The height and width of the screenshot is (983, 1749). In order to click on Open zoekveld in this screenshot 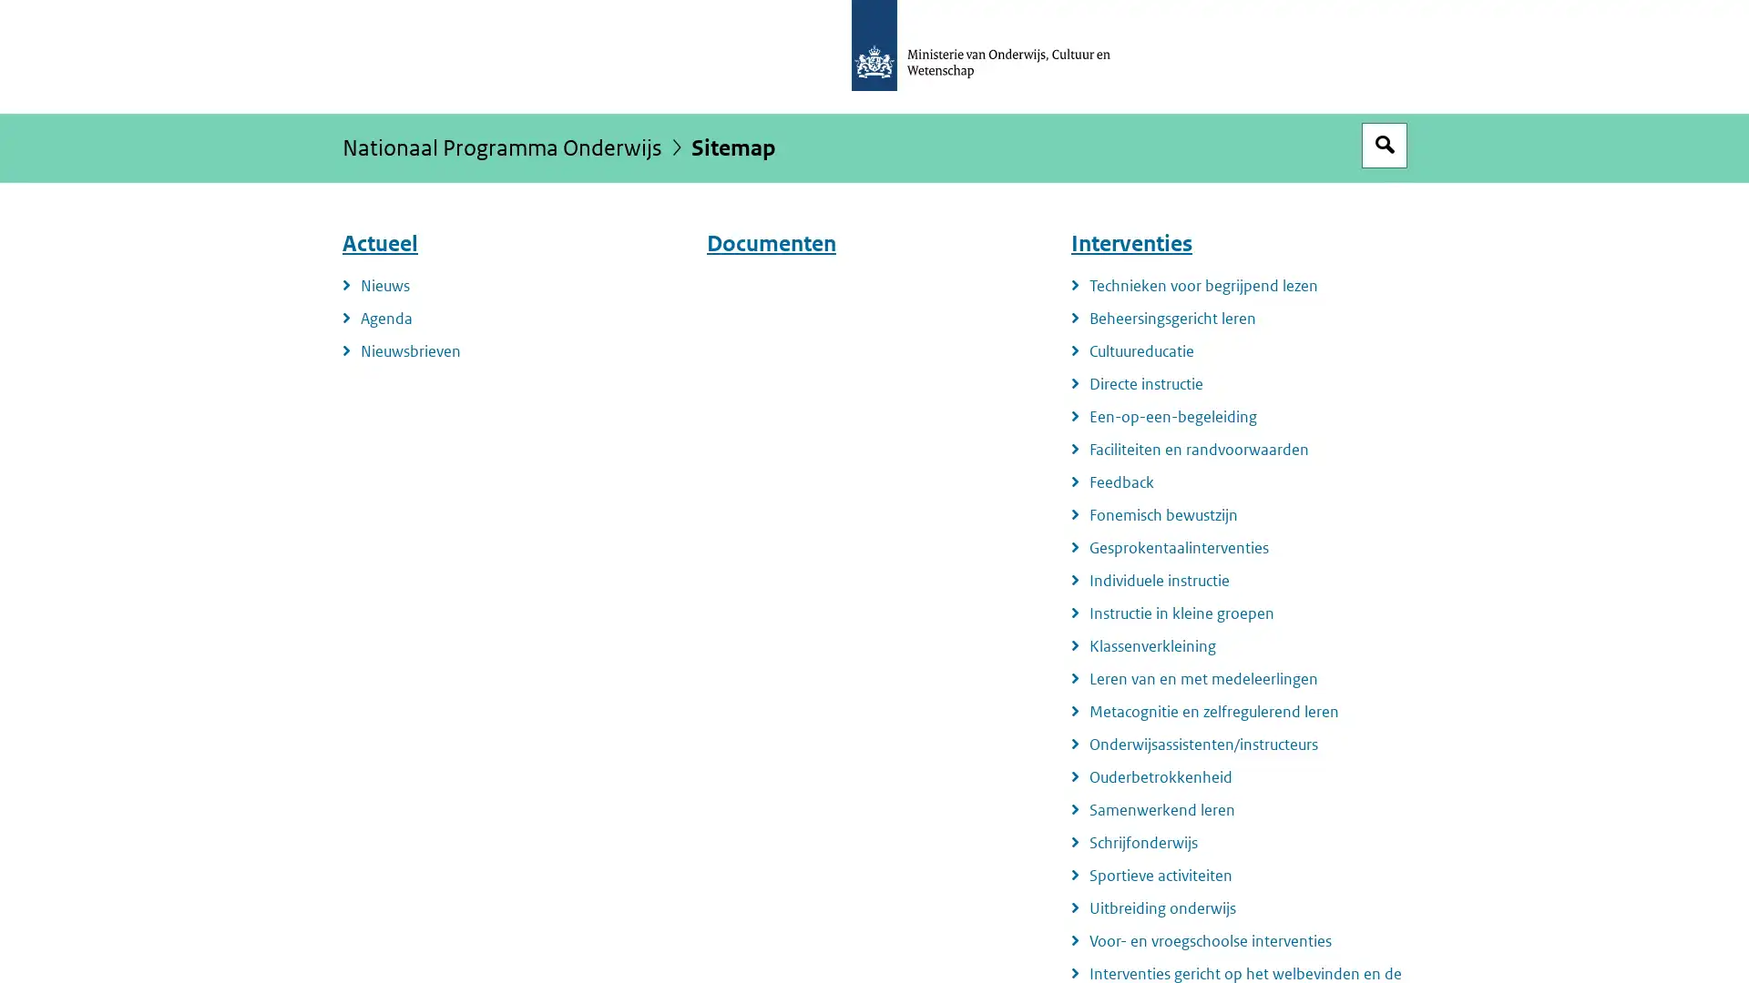, I will do `click(1385, 144)`.